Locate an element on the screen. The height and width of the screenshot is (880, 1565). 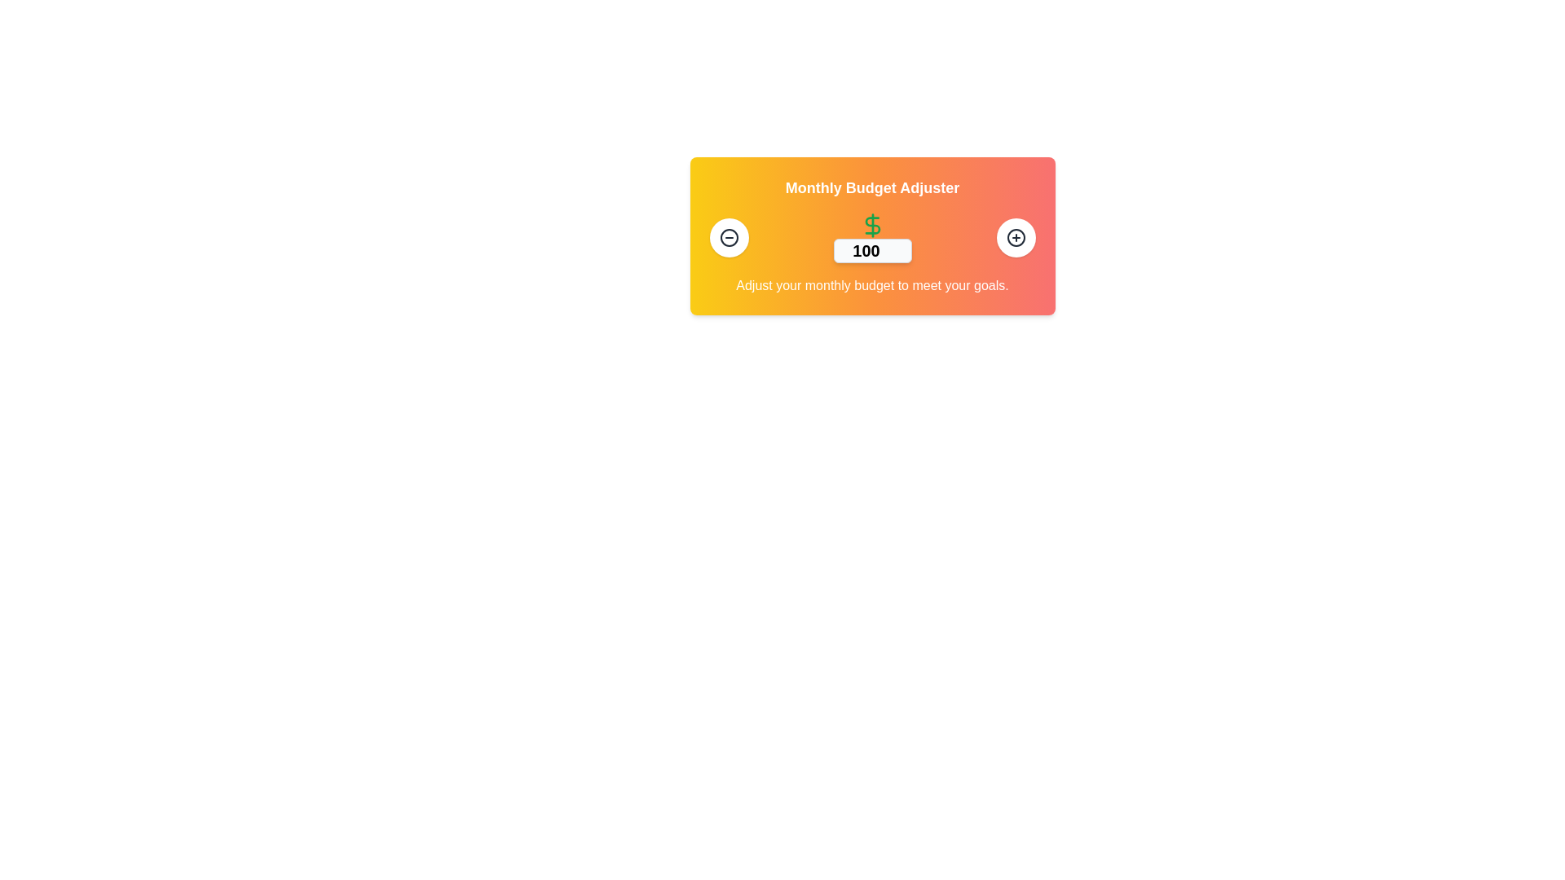
the dollar sign SVG icon, which is styled in vibrant green and represents currency, located above the numeric input field in the 'Monthly Budget Adjuster' card is located at coordinates (871, 226).